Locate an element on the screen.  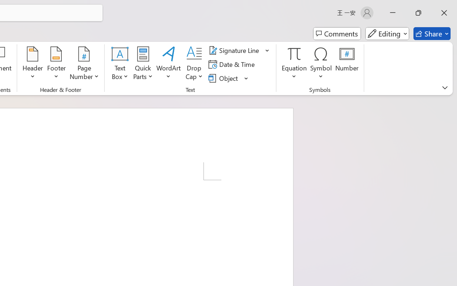
'Share' is located at coordinates (432, 34).